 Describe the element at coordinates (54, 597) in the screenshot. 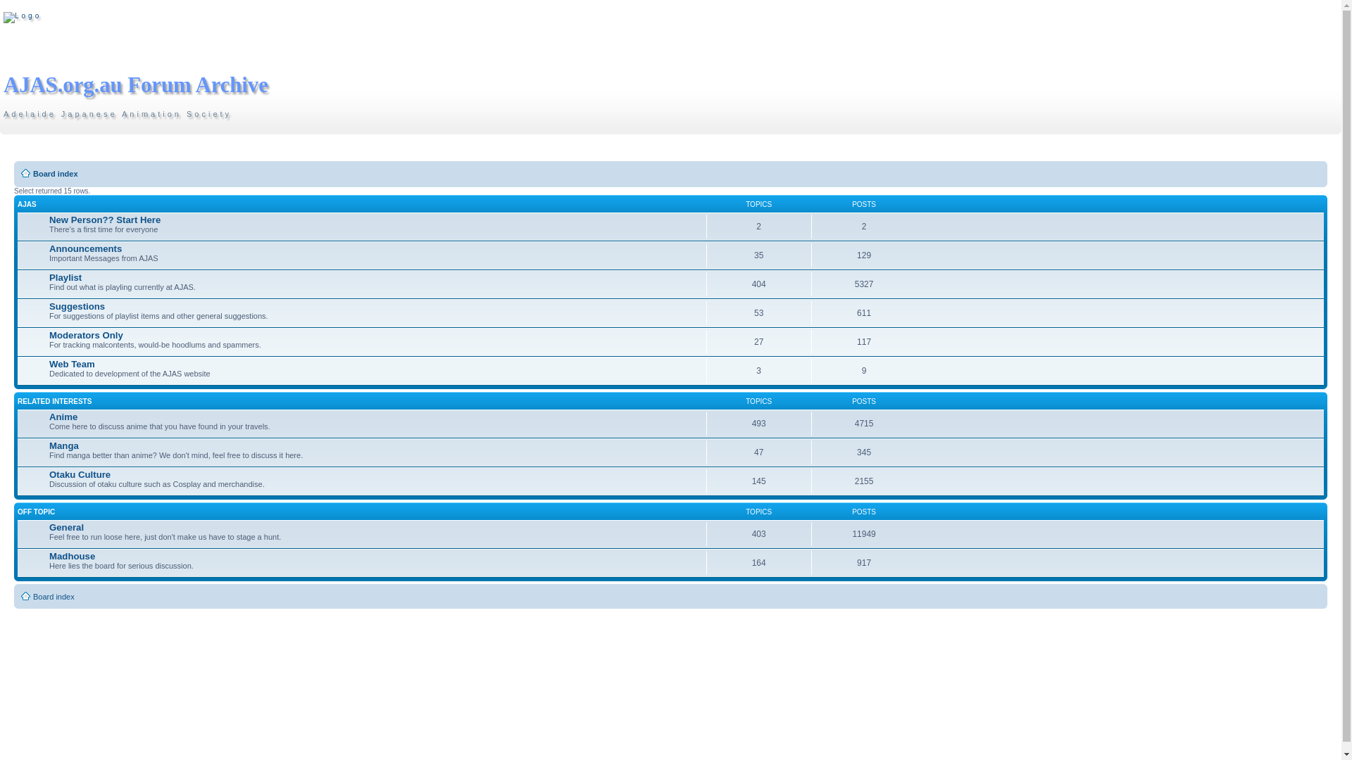

I see `'Board index'` at that location.